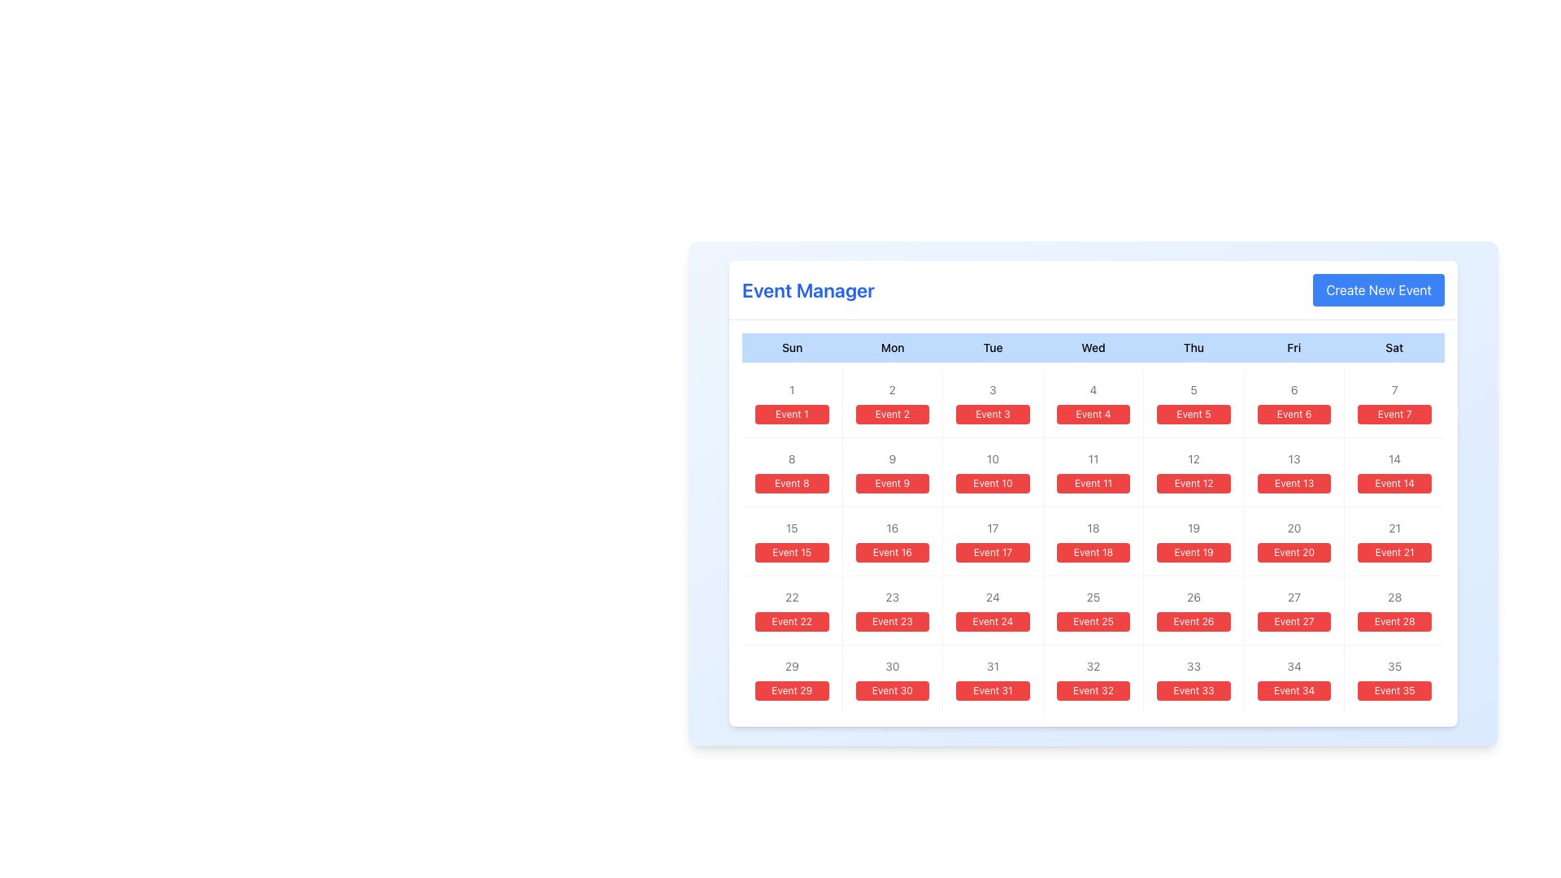 The width and height of the screenshot is (1561, 878). What do you see at coordinates (1294, 459) in the screenshot?
I see `the Text Label representing the date '13' in the calendar layout, which is located in the Friday column of the second week, above the label 'Event 13'` at bounding box center [1294, 459].